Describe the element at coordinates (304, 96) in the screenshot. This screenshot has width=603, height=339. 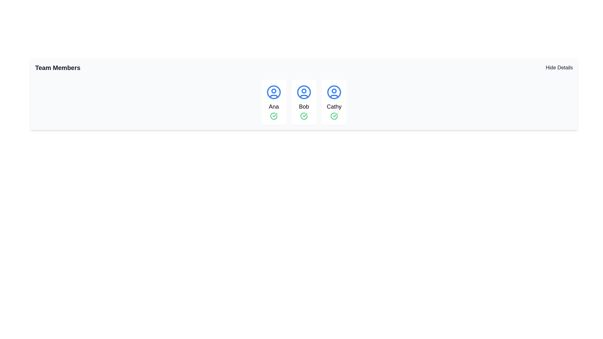
I see `the bottommost curved line segment of the user icon representing 'Bob' in the middle of the three user cards` at that location.